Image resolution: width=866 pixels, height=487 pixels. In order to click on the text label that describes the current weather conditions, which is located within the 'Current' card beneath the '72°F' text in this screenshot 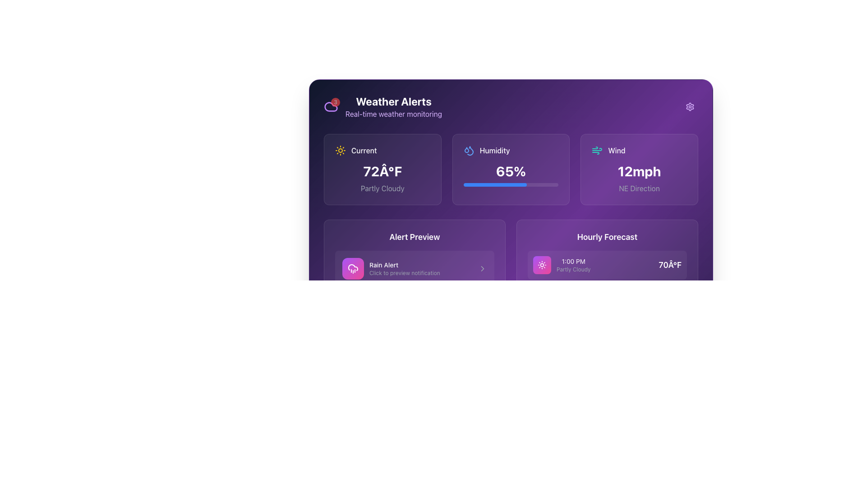, I will do `click(382, 188)`.